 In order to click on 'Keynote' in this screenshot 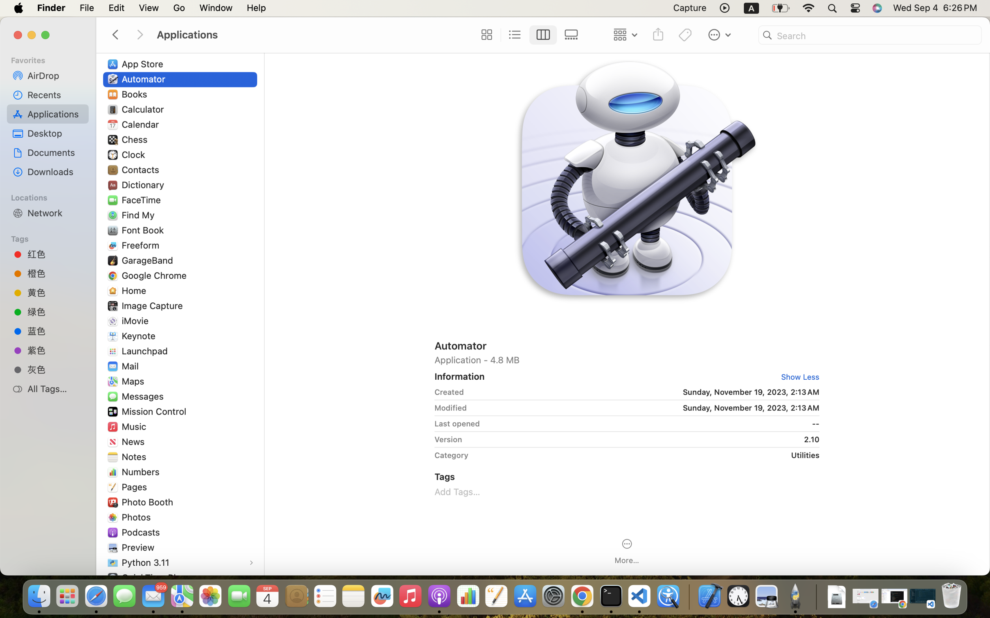, I will do `click(140, 336)`.